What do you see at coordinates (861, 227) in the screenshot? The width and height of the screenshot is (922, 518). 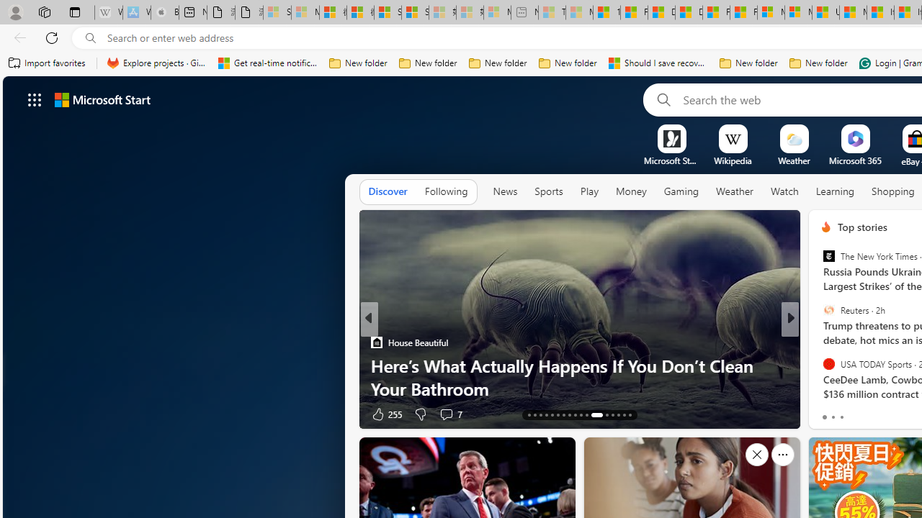 I see `'Top stories'` at bounding box center [861, 227].